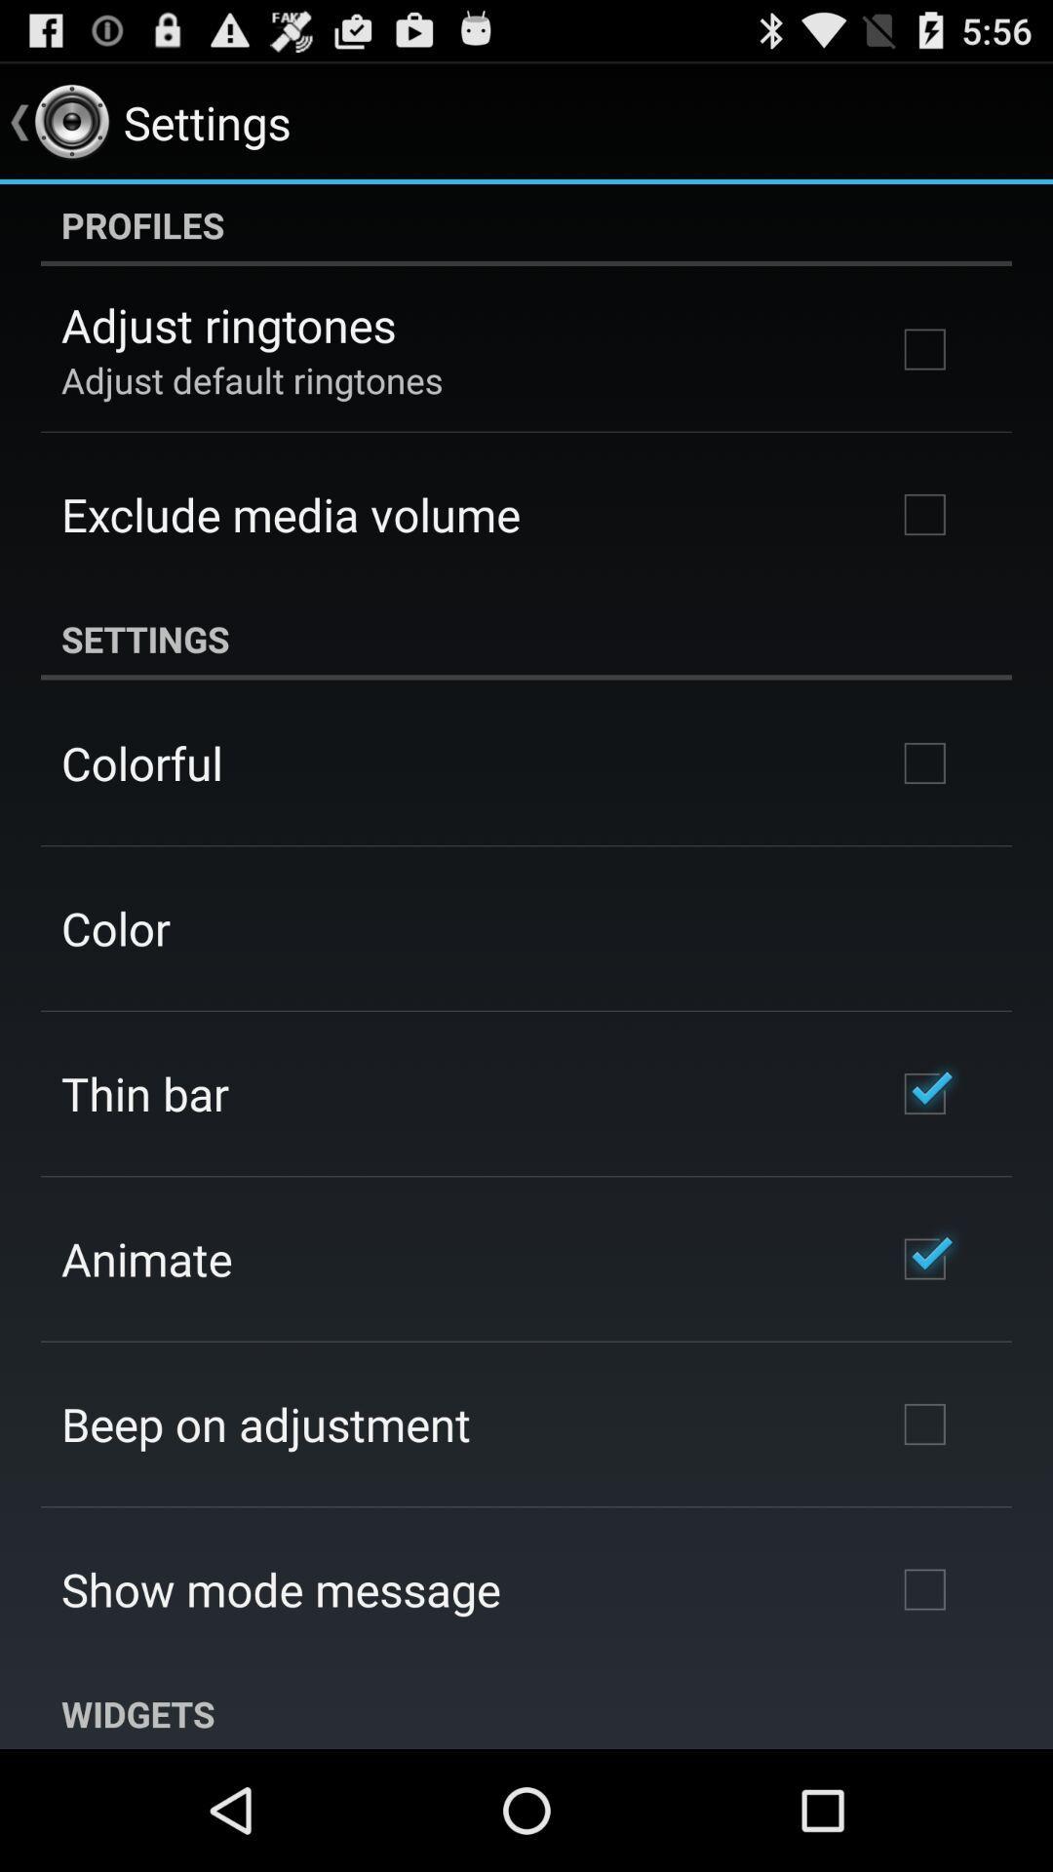  I want to click on app above widgets item, so click(281, 1589).